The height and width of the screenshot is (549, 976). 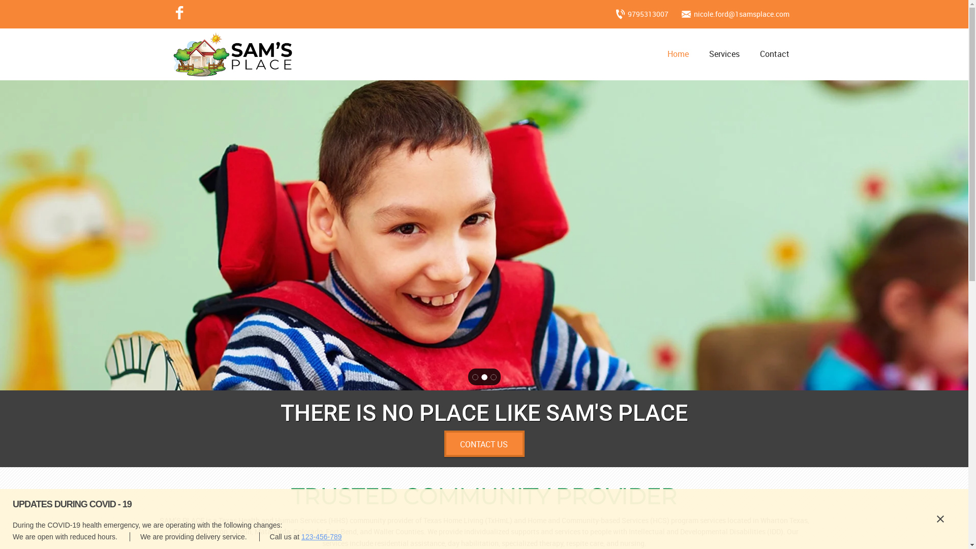 I want to click on 'Go to site home page', so click(x=231, y=54).